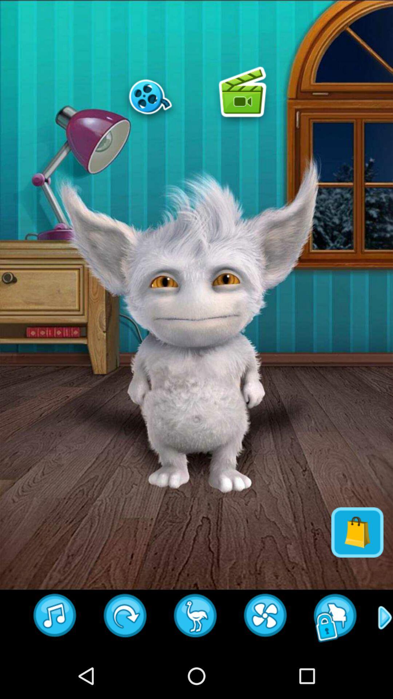 The height and width of the screenshot is (699, 393). Describe the element at coordinates (55, 617) in the screenshot. I see `music` at that location.